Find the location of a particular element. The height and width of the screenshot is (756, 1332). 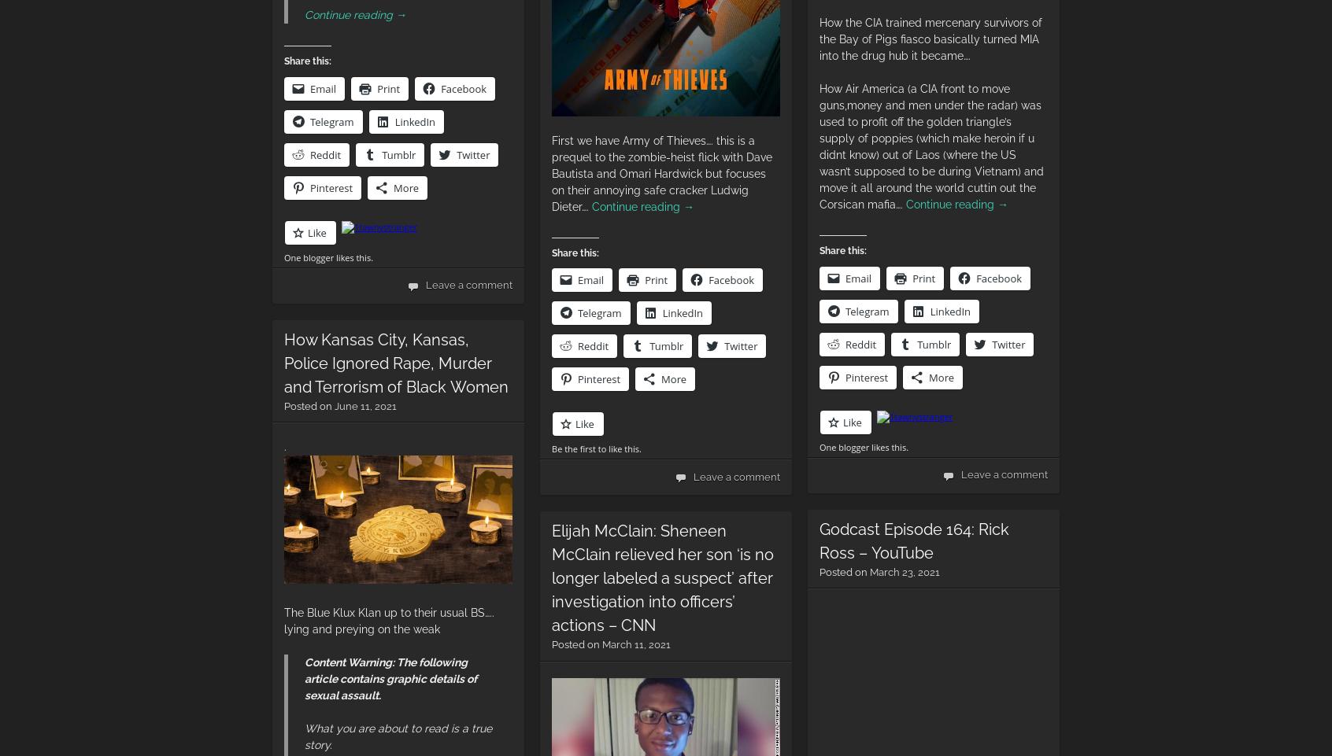

'.' is located at coordinates (285, 446).